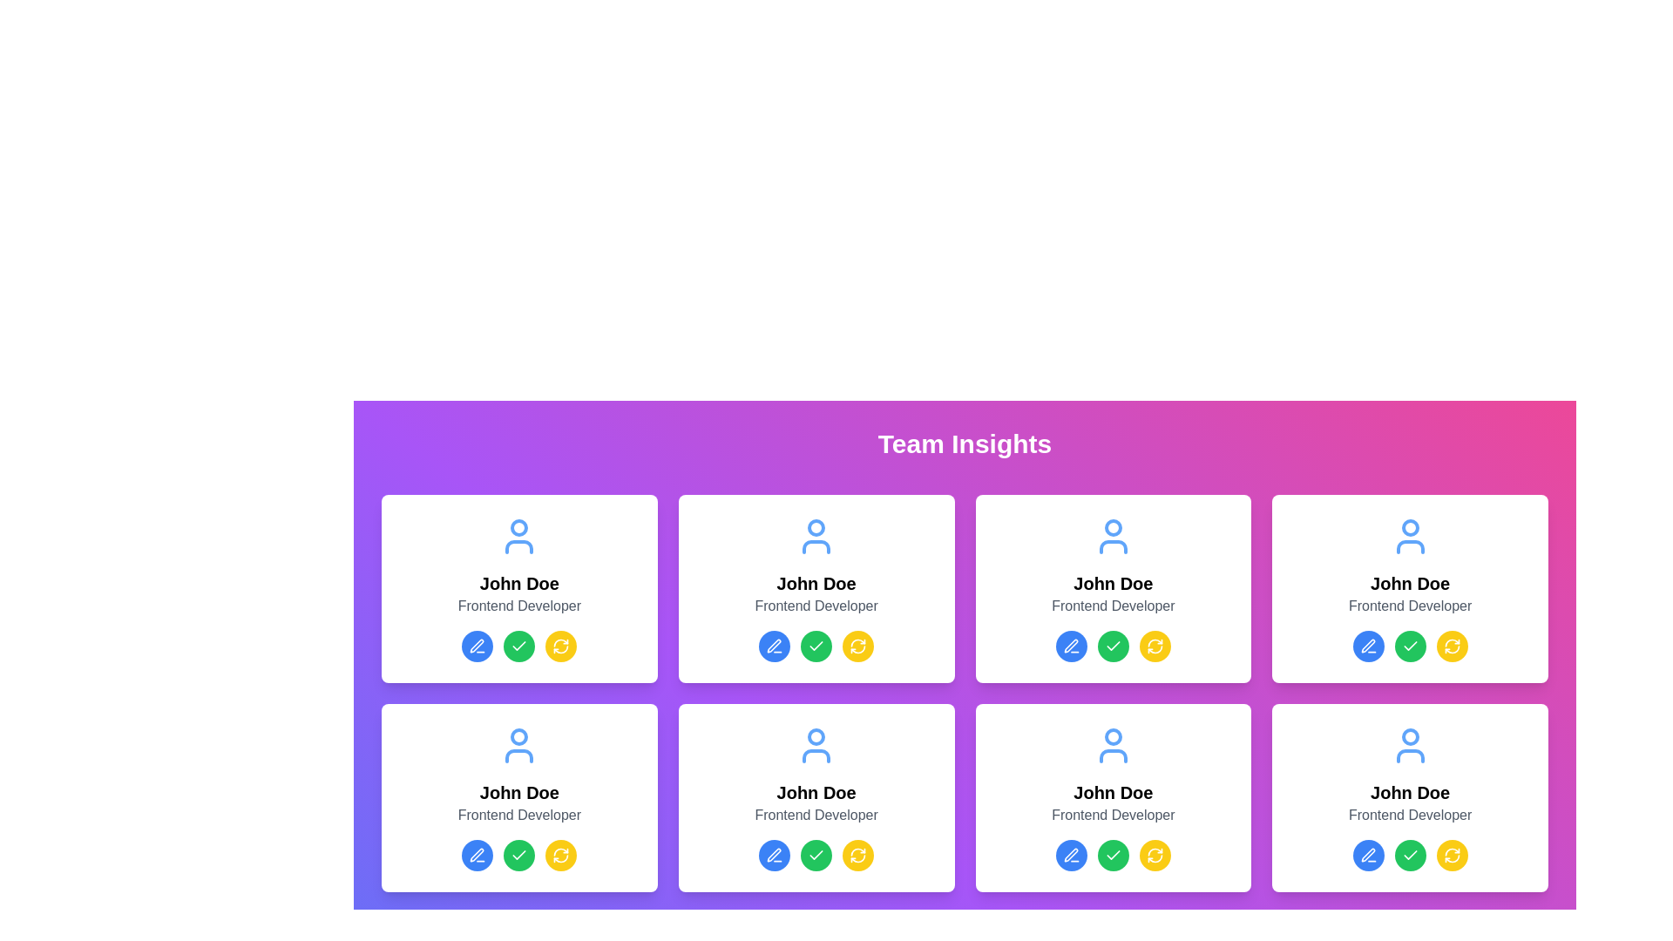 The width and height of the screenshot is (1673, 941). What do you see at coordinates (816, 793) in the screenshot?
I see `the text 'John Doe' by clicking on it, which is displayed prominently in bold or semi-bold typeface above the smaller text 'Frontend Developer' within the card in the second row, third column of the grid layout` at bounding box center [816, 793].